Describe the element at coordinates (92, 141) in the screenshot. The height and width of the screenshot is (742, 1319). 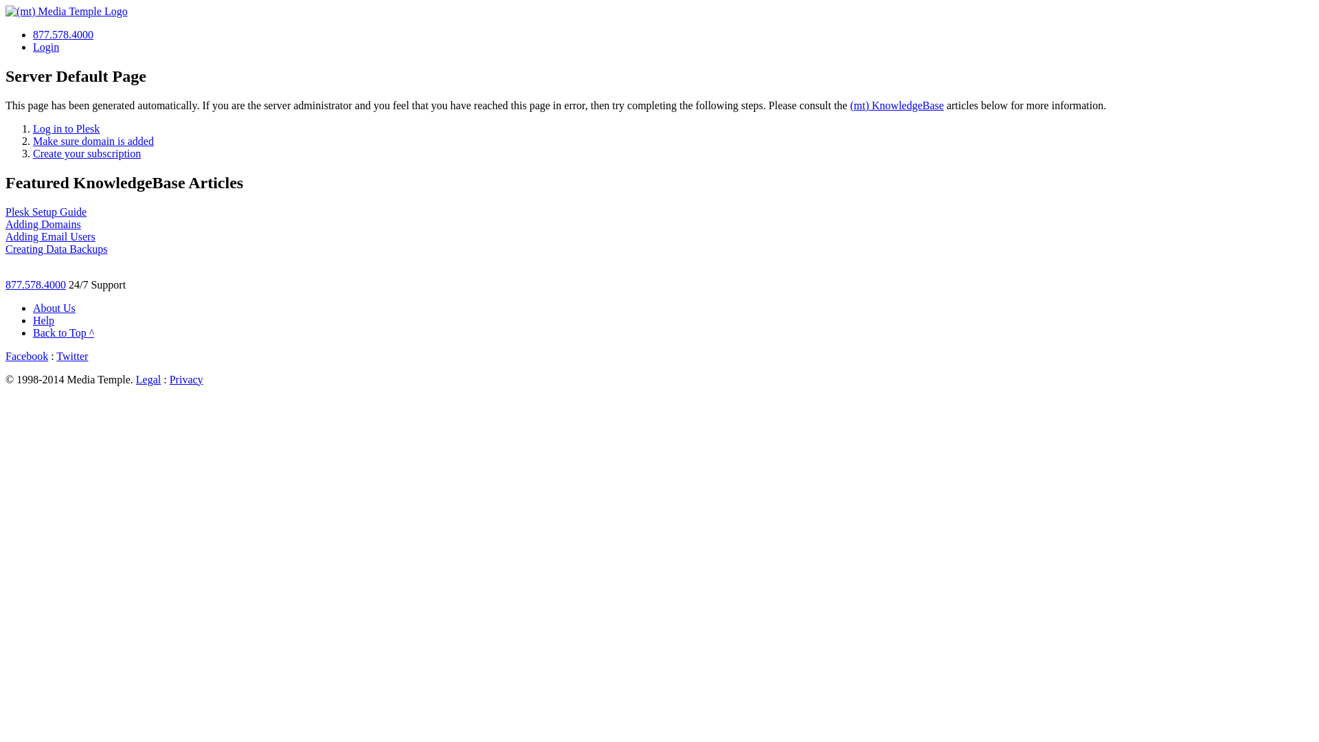
I see `'Make sure domain is added'` at that location.